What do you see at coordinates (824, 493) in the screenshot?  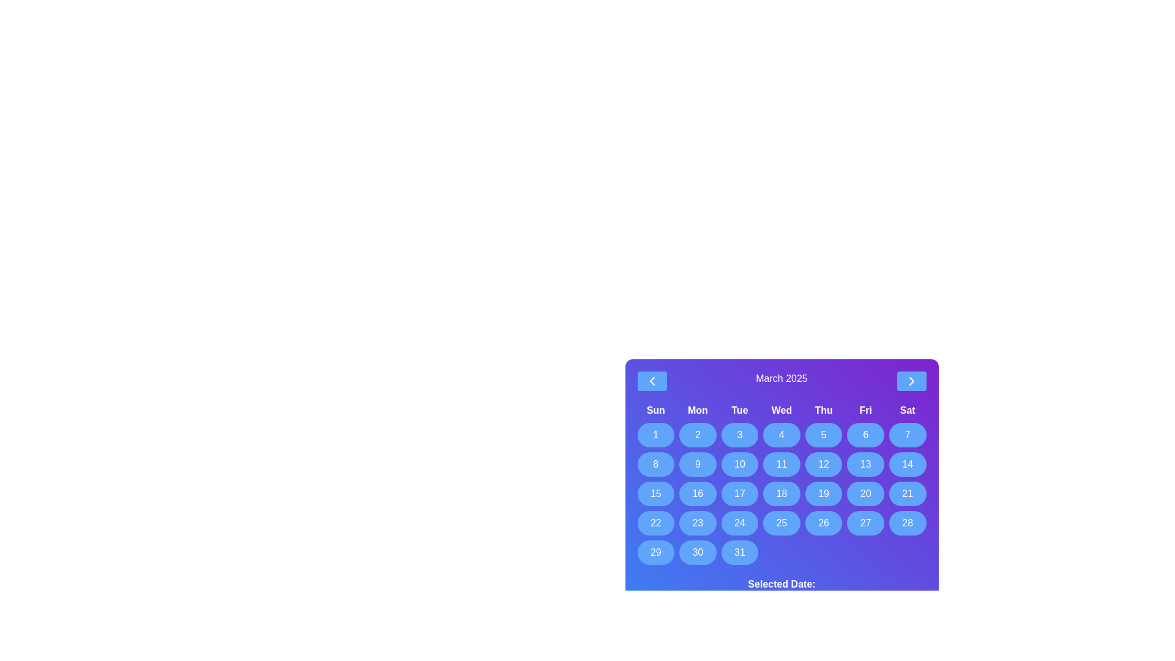 I see `the rounded rectangular button displaying the number '19' in the calendar grid for March 2025` at bounding box center [824, 493].